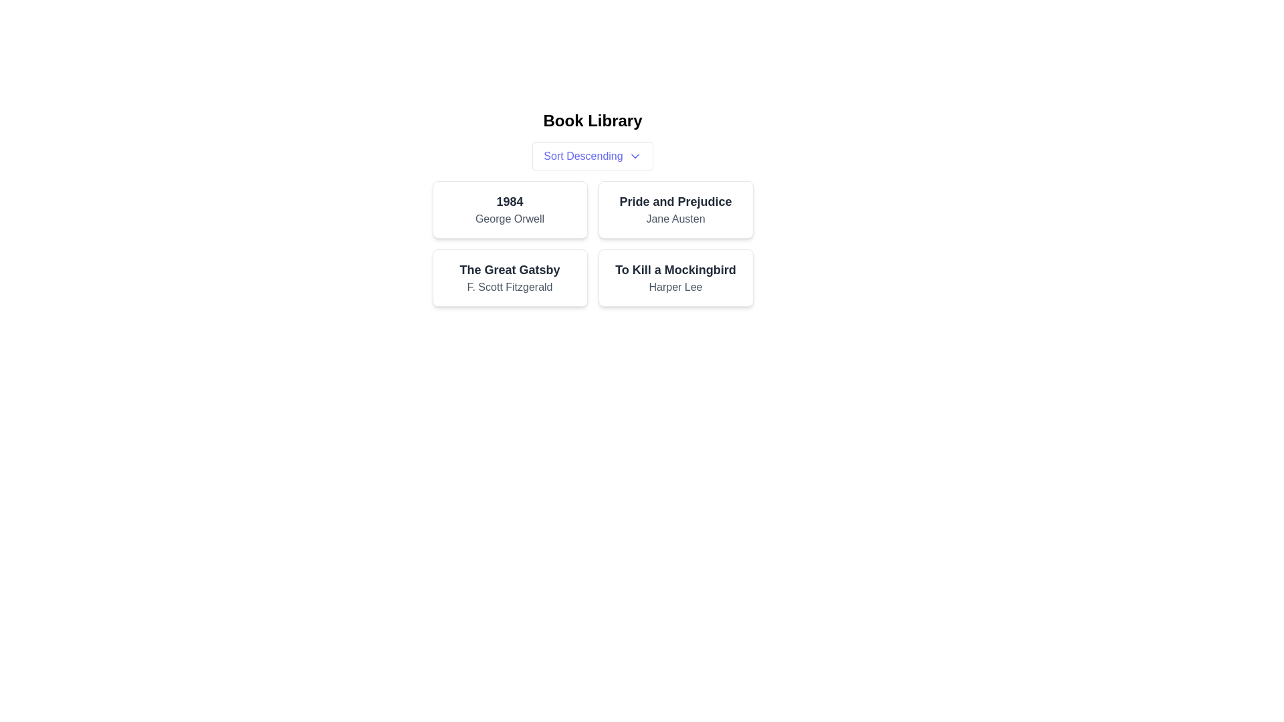 The width and height of the screenshot is (1284, 722). I want to click on the title text '1984' which is located at the top-center of the book card in the library collection interface, so click(509, 201).